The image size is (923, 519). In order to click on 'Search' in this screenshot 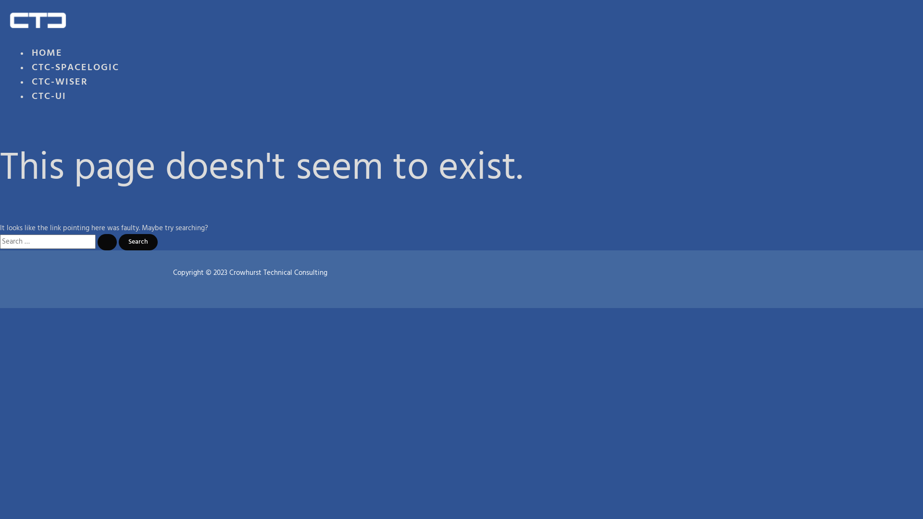, I will do `click(137, 242)`.